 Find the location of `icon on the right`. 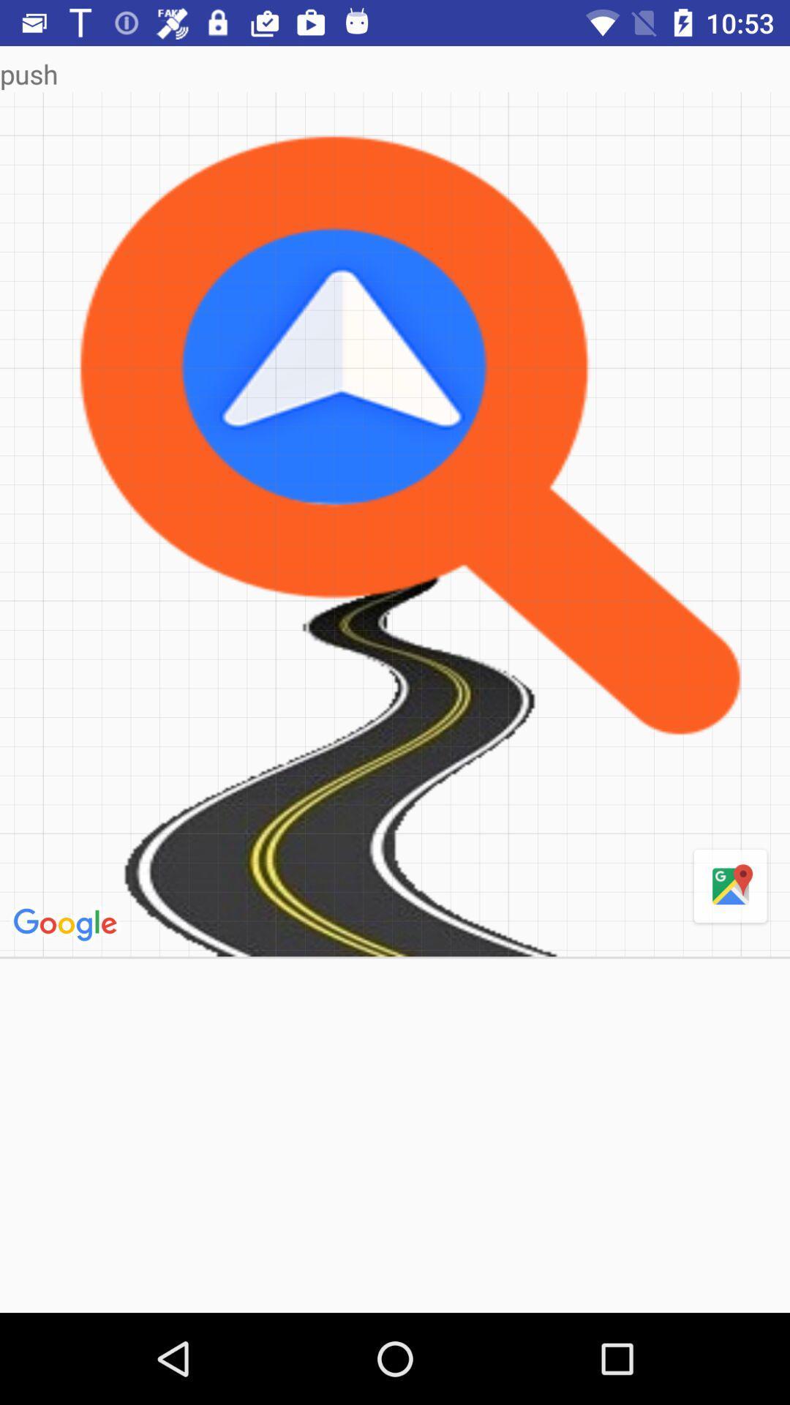

icon on the right is located at coordinates (730, 886).